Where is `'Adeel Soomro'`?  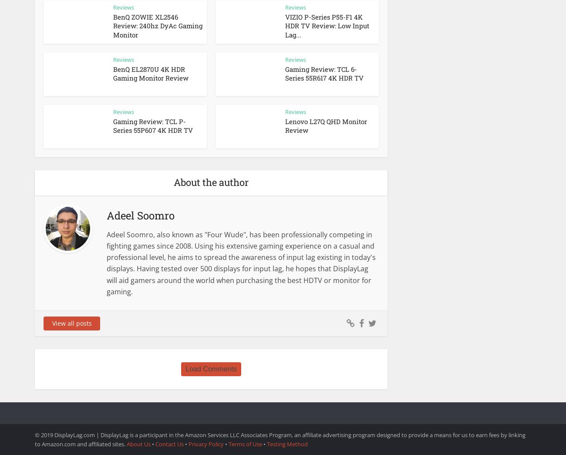
'Adeel Soomro' is located at coordinates (141, 215).